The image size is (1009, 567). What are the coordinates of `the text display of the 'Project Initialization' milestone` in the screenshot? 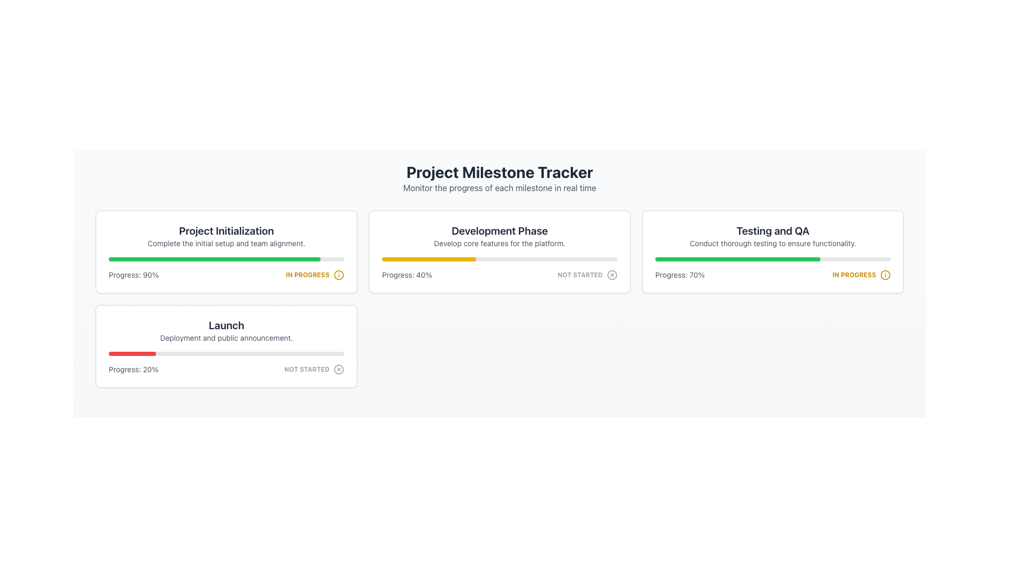 It's located at (226, 236).